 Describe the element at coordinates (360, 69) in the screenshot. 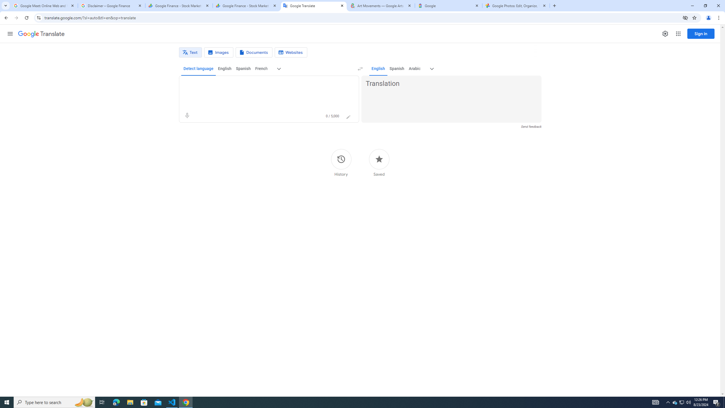

I see `'Swap languages (Ctrl+Shift+S)'` at that location.